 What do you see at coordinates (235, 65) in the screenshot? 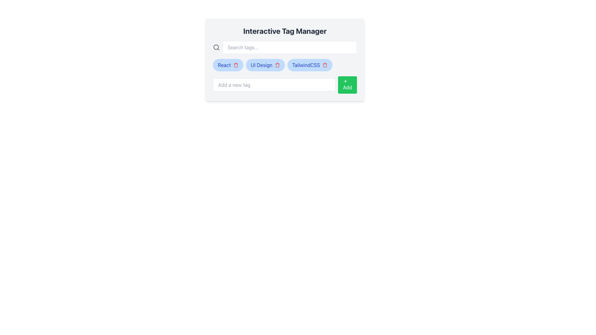
I see `the delete icon button associated with the first 'React' tag` at bounding box center [235, 65].